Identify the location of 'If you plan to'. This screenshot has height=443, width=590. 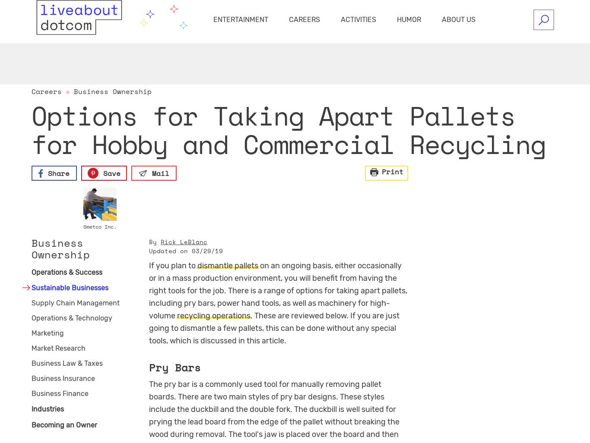
(173, 265).